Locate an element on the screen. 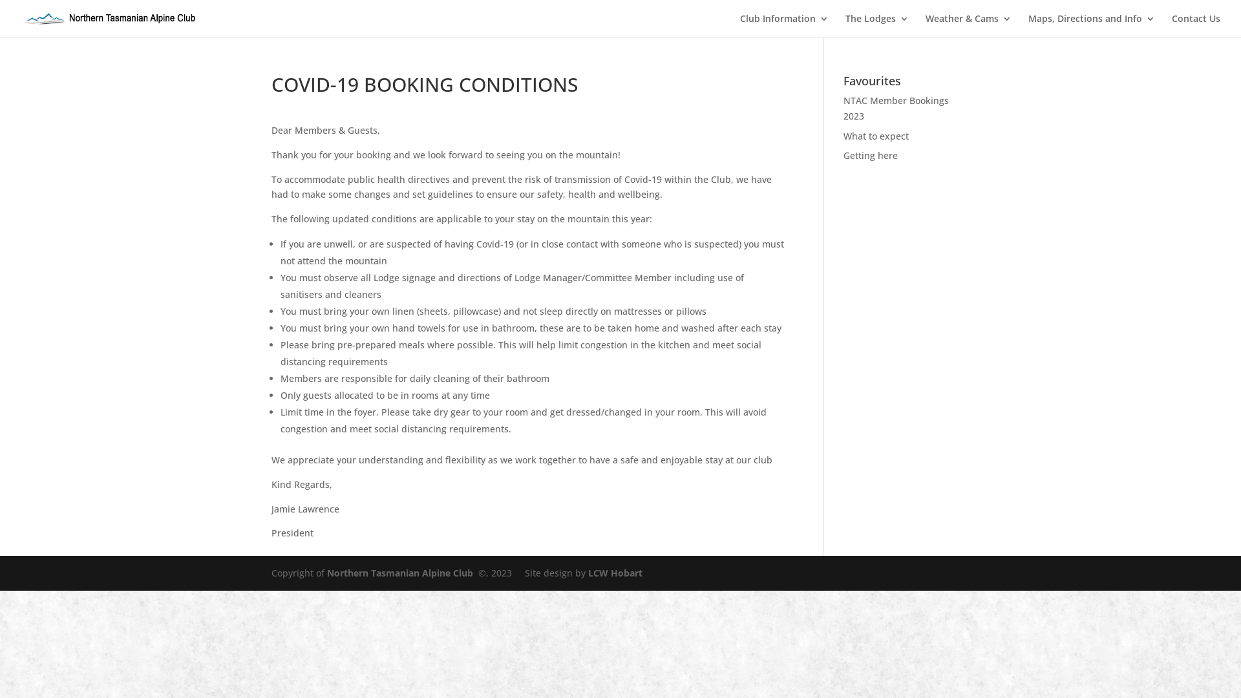  'What to expect' is located at coordinates (876, 136).